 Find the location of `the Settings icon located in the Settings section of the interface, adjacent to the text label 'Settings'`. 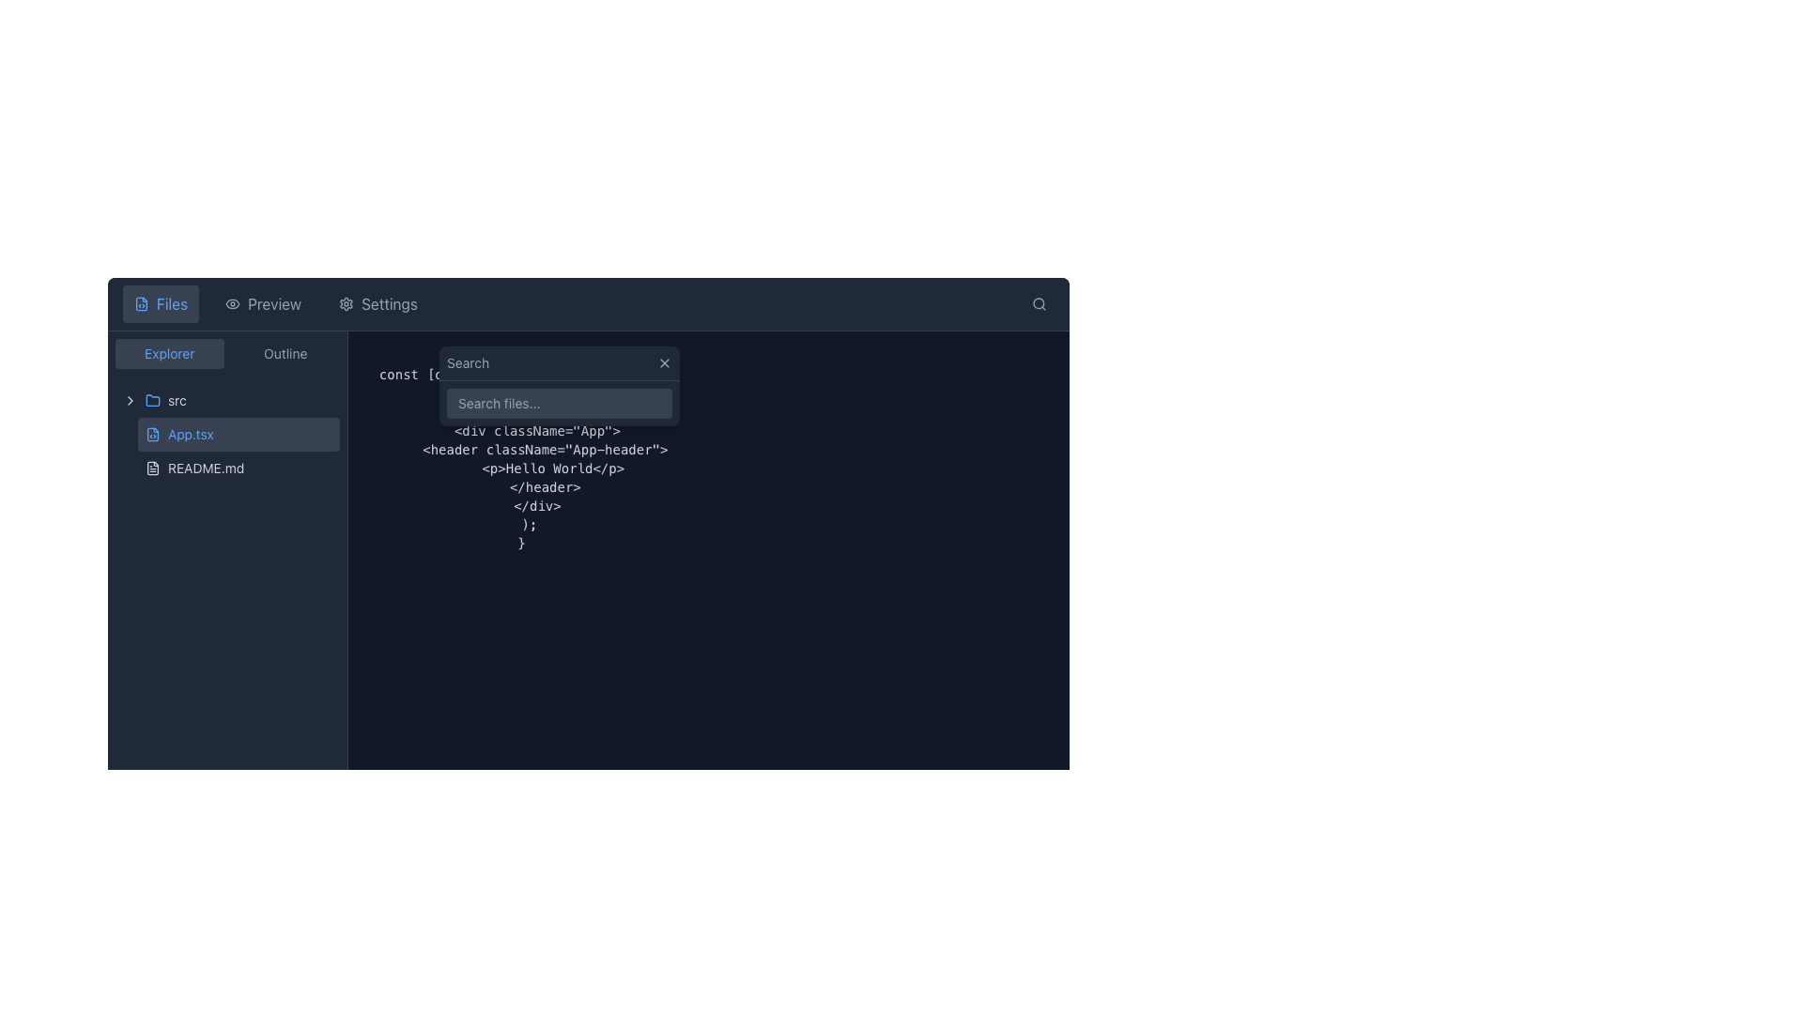

the Settings icon located in the Settings section of the interface, adjacent to the text label 'Settings' is located at coordinates (347, 303).